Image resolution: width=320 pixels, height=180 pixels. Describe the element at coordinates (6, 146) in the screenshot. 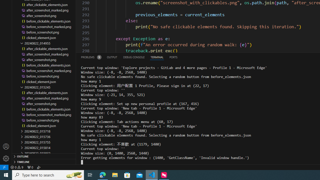

I see `'Accounts'` at that location.